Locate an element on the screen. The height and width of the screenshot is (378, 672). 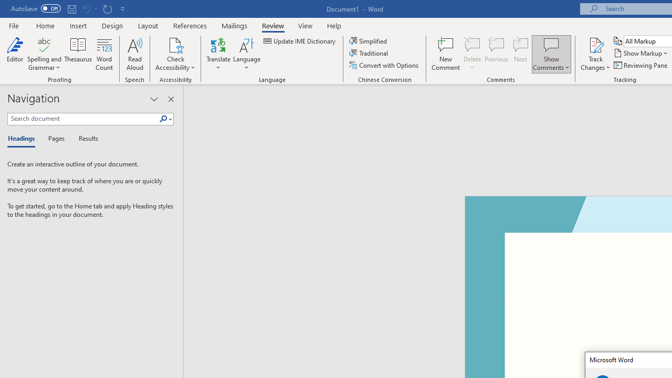
'Track Changes' is located at coordinates (595, 54).